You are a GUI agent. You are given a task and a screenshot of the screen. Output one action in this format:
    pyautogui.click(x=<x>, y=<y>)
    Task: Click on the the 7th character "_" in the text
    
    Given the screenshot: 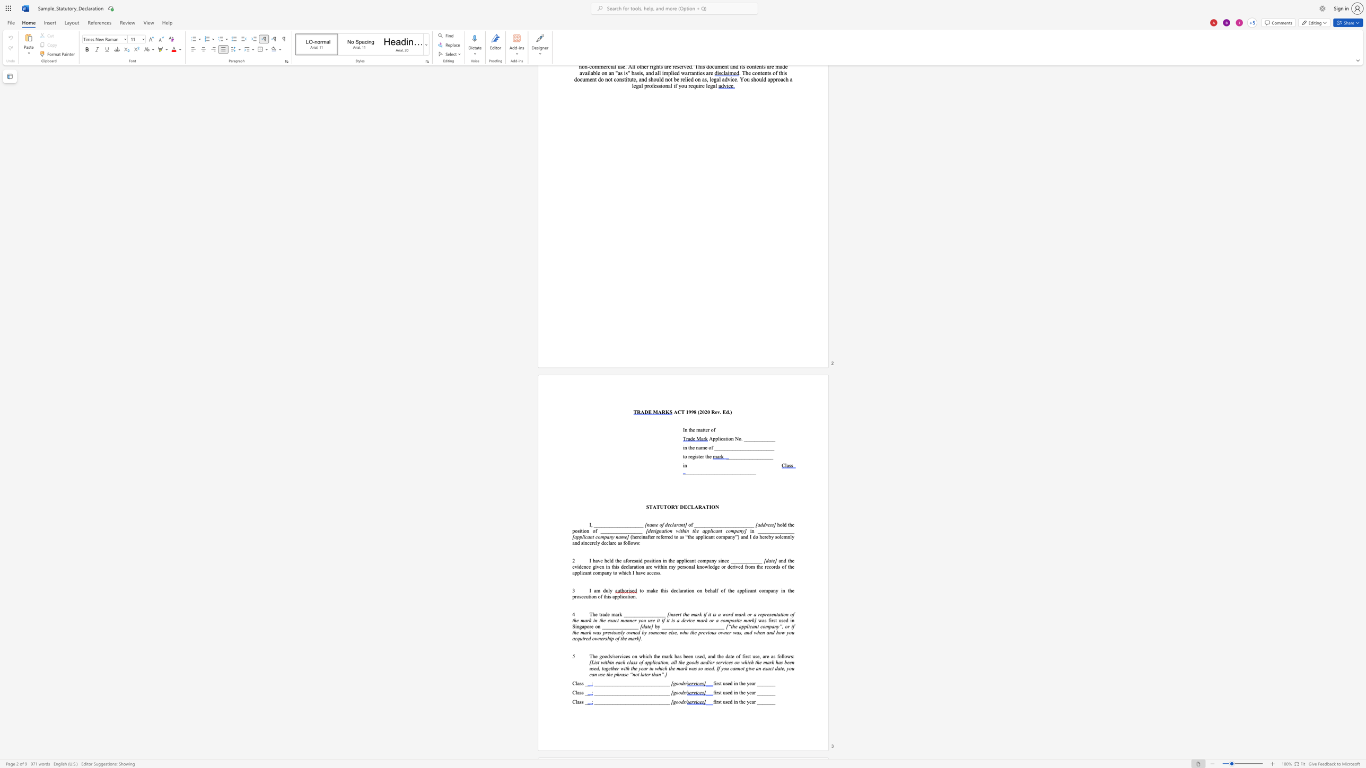 What is the action you would take?
    pyautogui.click(x=745, y=455)
    